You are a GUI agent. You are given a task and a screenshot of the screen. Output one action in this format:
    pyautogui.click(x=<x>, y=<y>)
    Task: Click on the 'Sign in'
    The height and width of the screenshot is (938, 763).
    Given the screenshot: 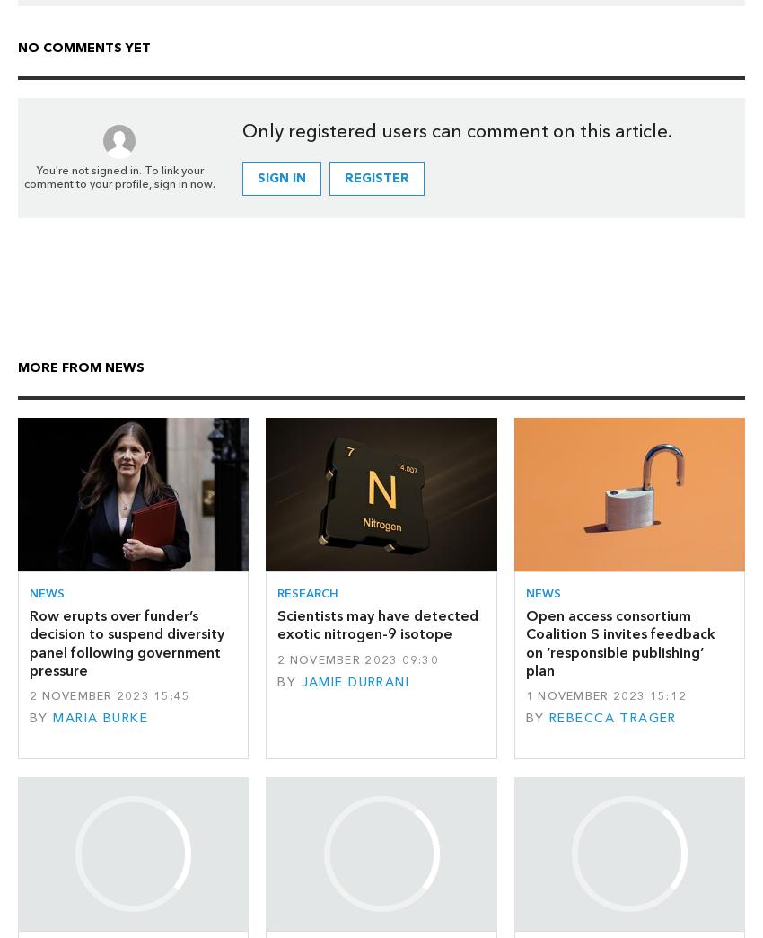 What is the action you would take?
    pyautogui.click(x=256, y=178)
    